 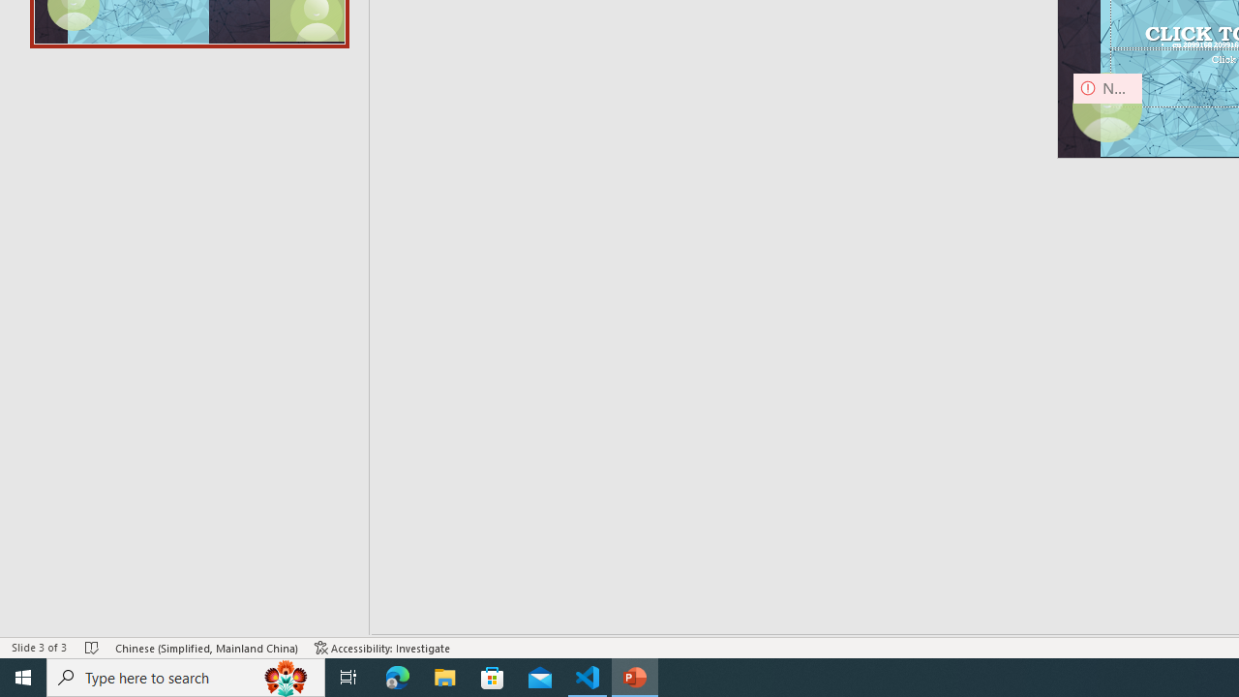 What do you see at coordinates (1107, 107) in the screenshot?
I see `'Camera 9, No camera detected.'` at bounding box center [1107, 107].